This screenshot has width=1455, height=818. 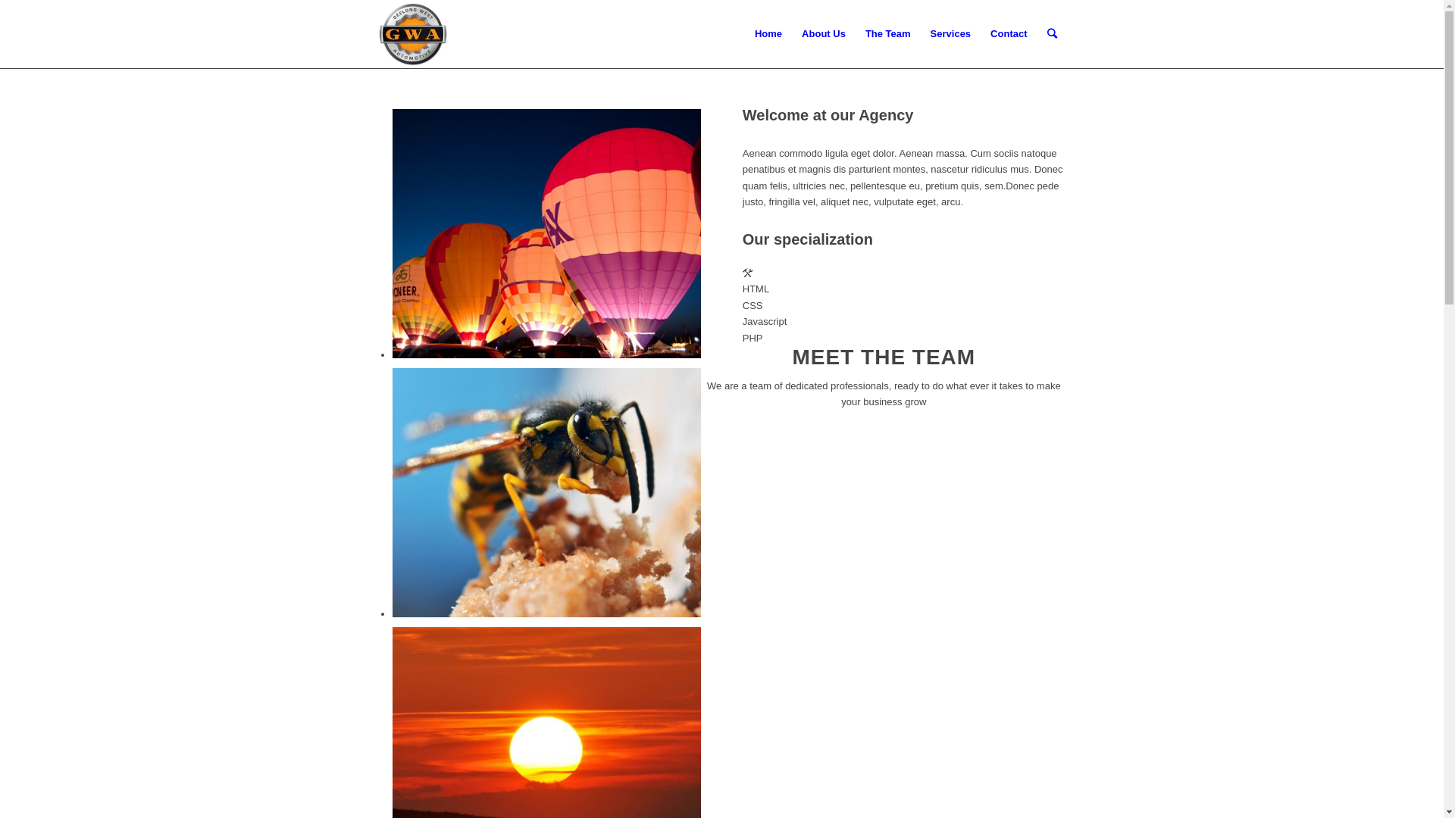 I want to click on 'Services', so click(x=950, y=34).